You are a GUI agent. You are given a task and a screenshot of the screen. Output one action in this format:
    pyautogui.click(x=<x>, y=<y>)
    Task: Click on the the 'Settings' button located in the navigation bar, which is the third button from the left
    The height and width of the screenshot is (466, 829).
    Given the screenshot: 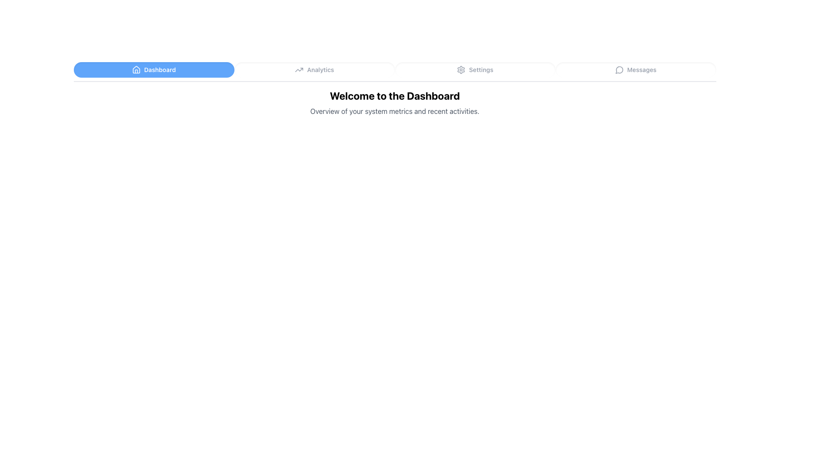 What is the action you would take?
    pyautogui.click(x=475, y=69)
    